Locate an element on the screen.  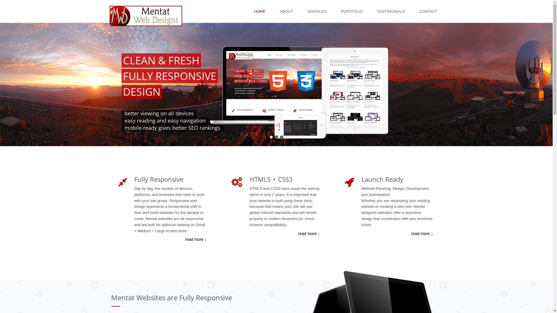
'TESTIMONIALS' is located at coordinates (392, 11).